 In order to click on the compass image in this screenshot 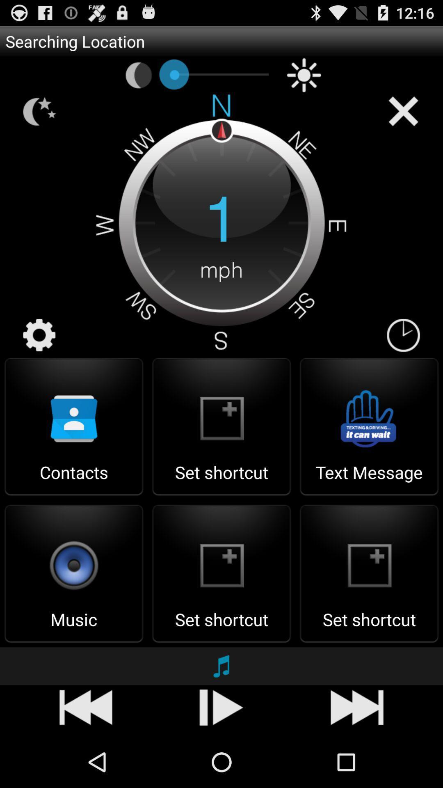, I will do `click(221, 222)`.